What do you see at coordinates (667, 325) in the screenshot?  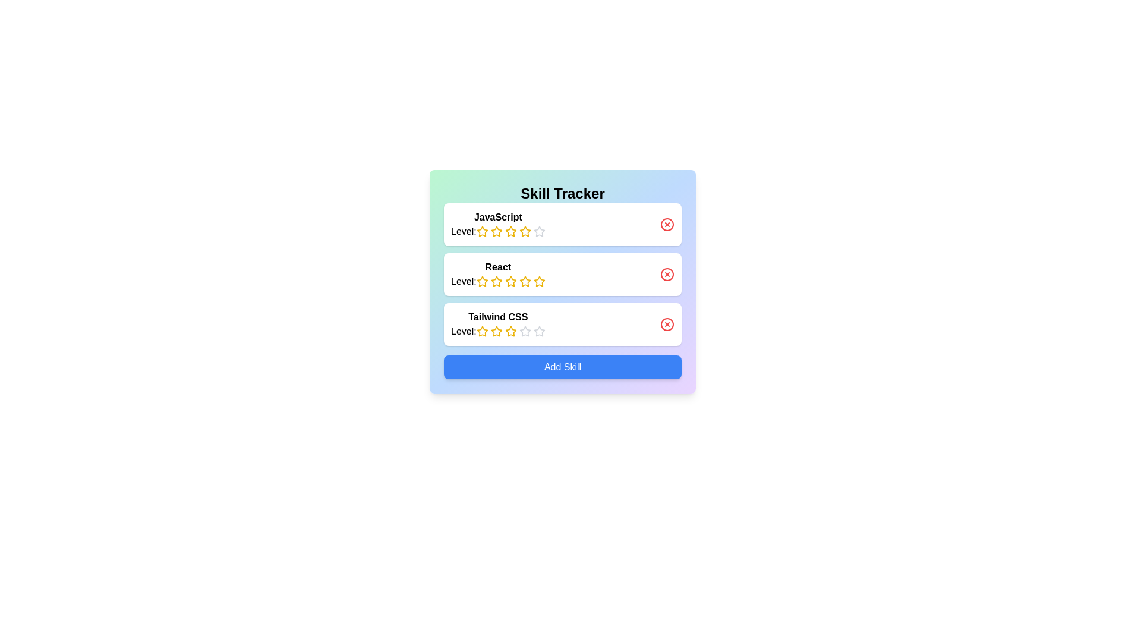 I see `the remove button for the skill named Tailwind CSS` at bounding box center [667, 325].